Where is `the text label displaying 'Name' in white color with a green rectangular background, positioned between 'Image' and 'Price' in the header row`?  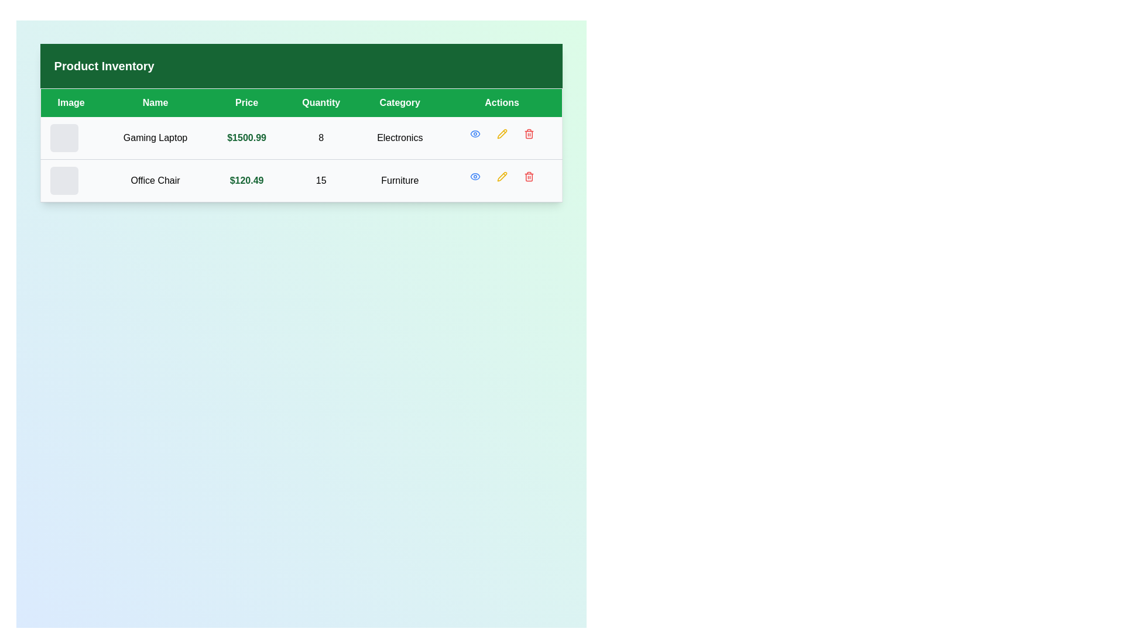 the text label displaying 'Name' in white color with a green rectangular background, positioned between 'Image' and 'Price' in the header row is located at coordinates (155, 102).